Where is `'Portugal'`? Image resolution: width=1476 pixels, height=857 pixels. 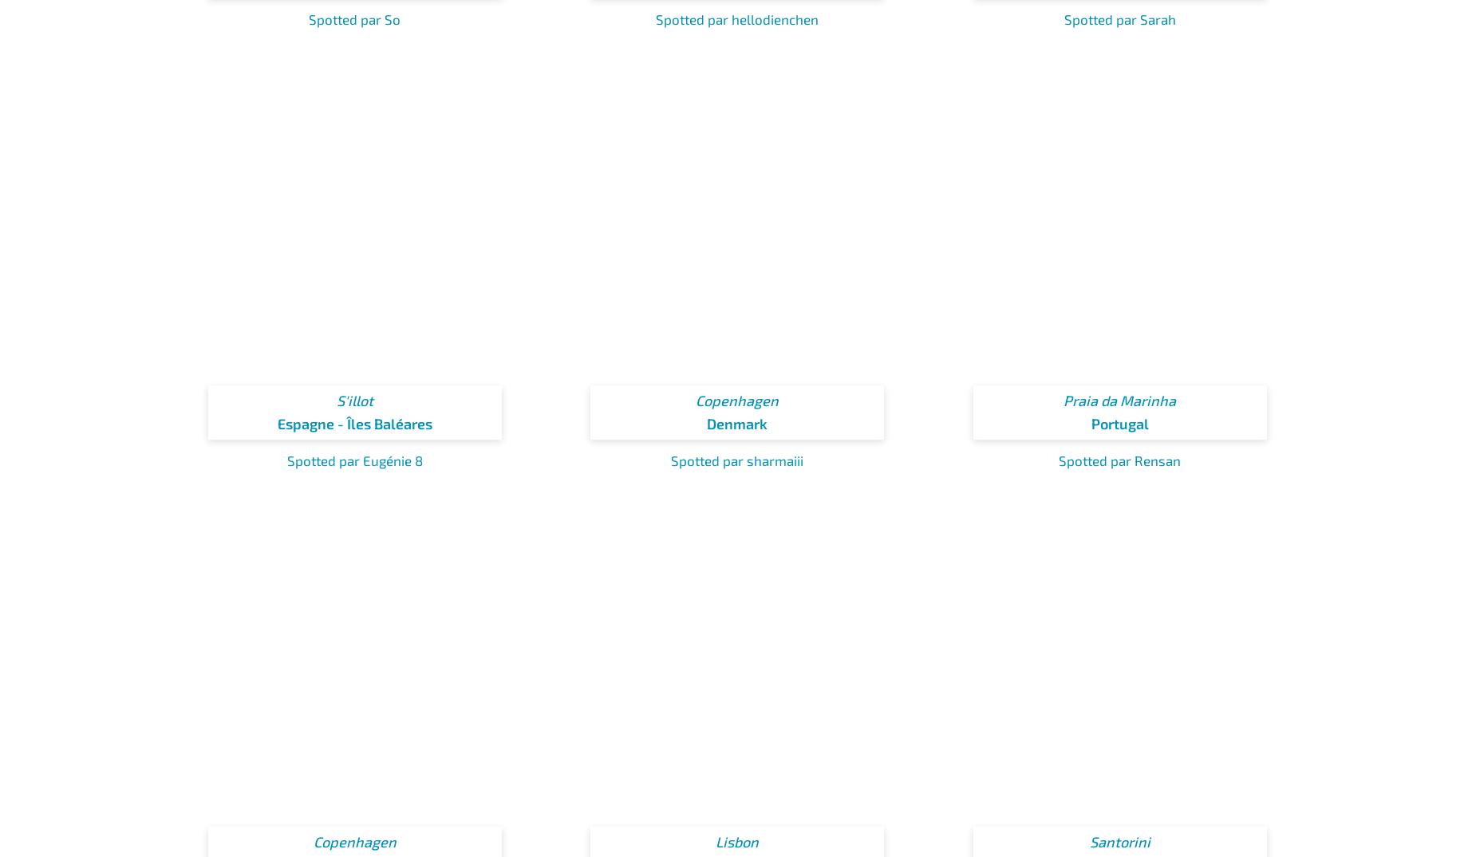
'Portugal' is located at coordinates (1119, 423).